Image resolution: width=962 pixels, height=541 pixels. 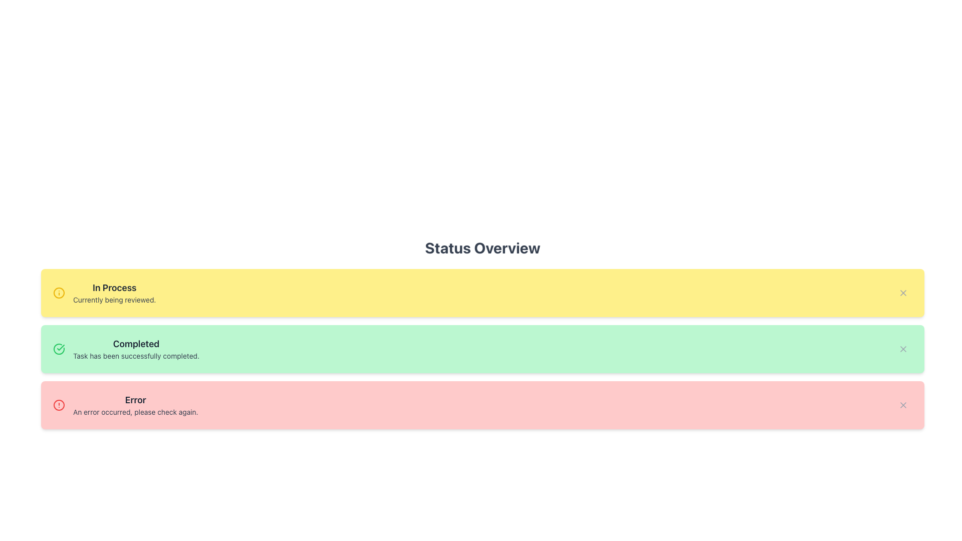 I want to click on the circular alert icon located at the leftmost position within the red 'Error' notification box, visually enhancing the user's ability to identify the type of notification, so click(x=59, y=405).